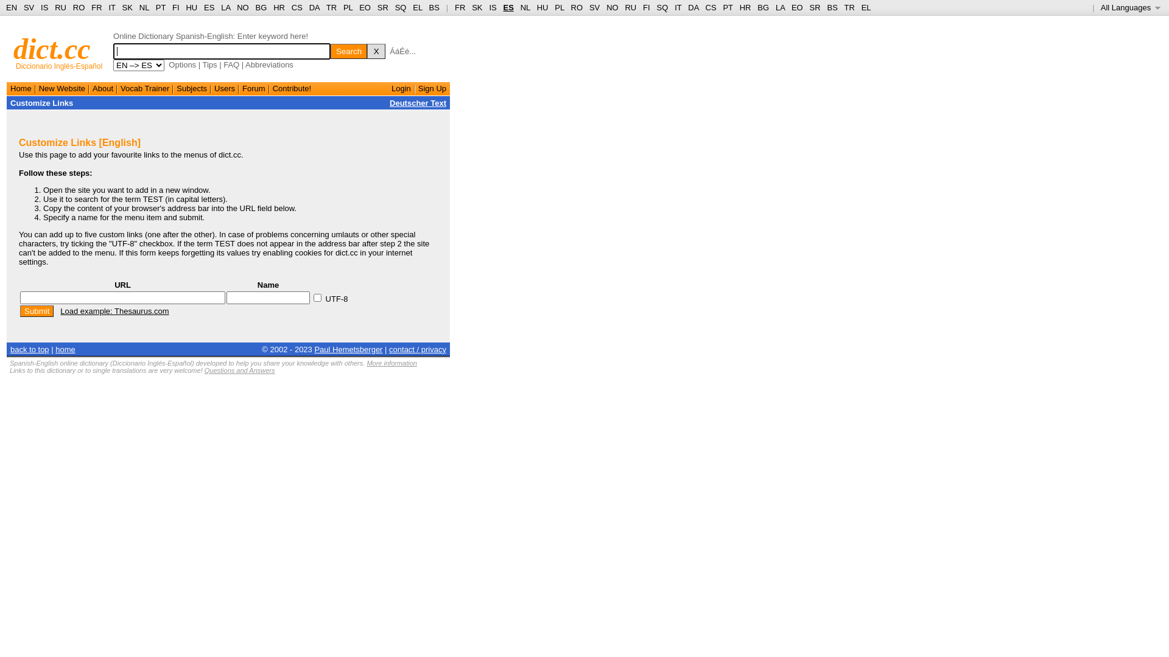  What do you see at coordinates (756, 7) in the screenshot?
I see `'BG'` at bounding box center [756, 7].